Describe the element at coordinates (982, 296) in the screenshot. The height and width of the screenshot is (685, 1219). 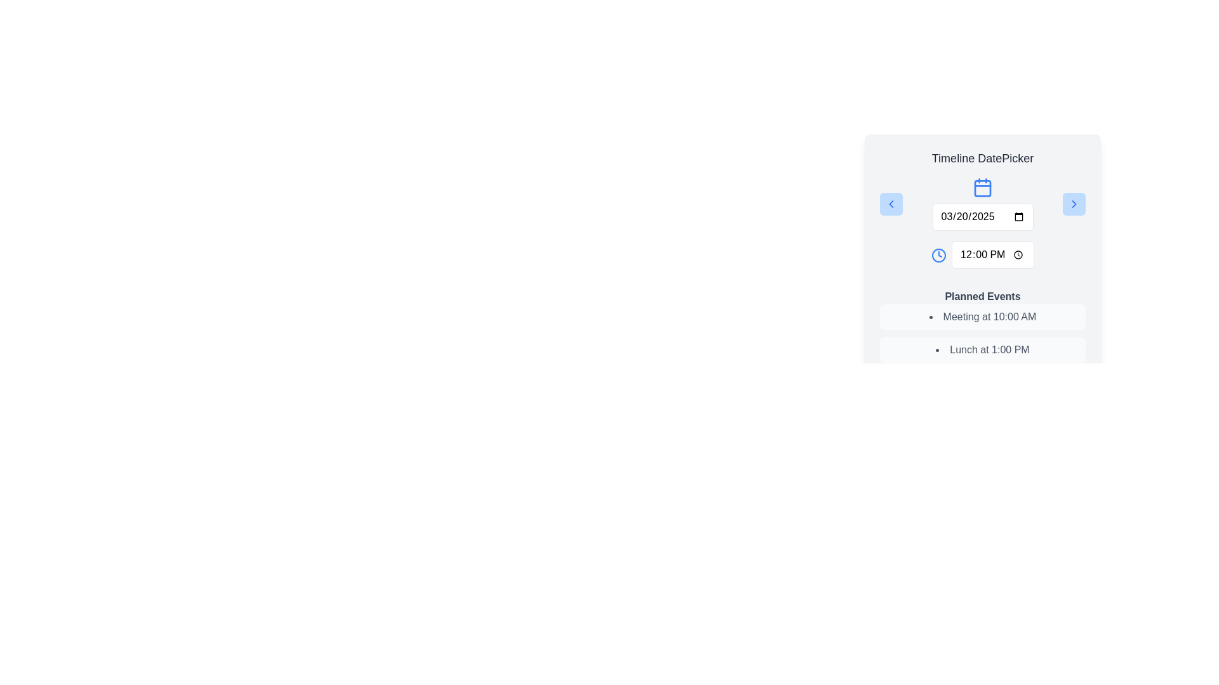
I see `the 'Planned Events' text label, which is styled in bold gray font and serves as a header for a list of events within a card interface` at that location.